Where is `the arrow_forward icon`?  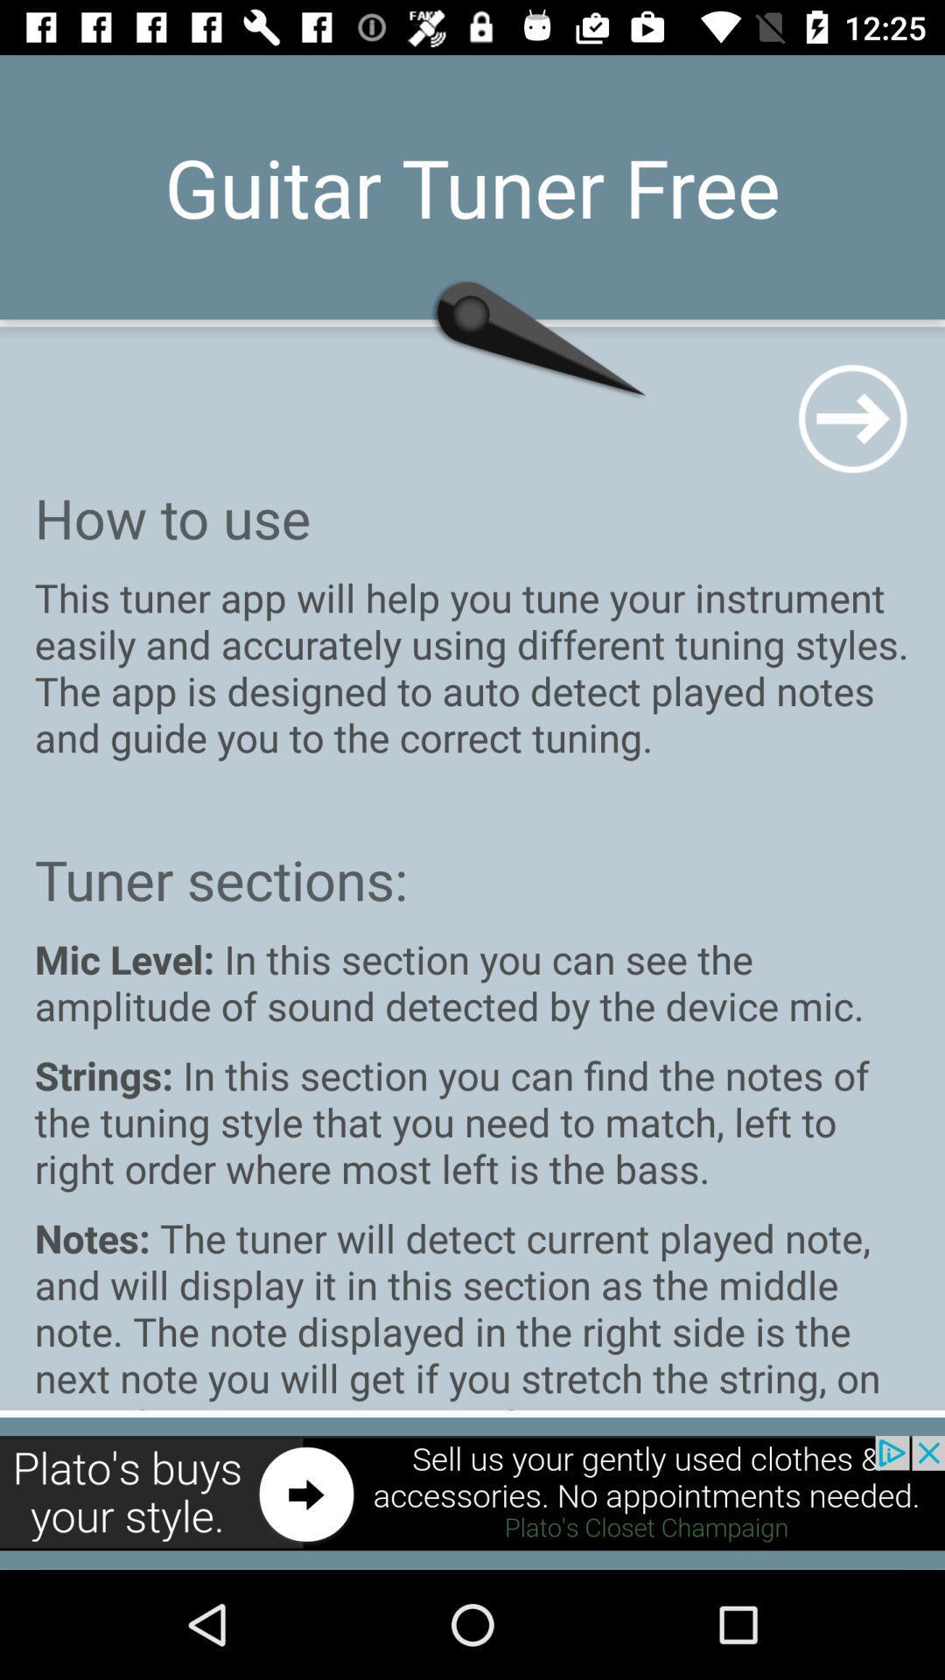
the arrow_forward icon is located at coordinates (851, 417).